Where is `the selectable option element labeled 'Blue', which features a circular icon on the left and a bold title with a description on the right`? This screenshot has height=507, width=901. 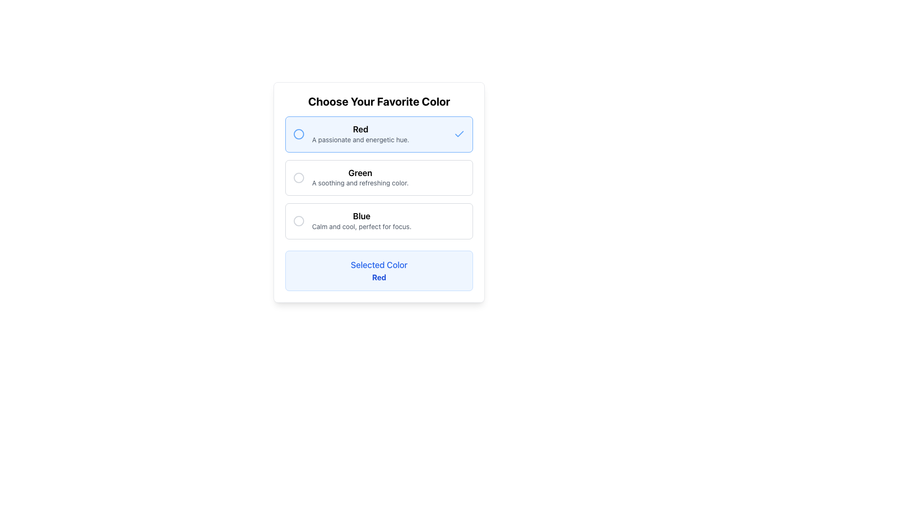 the selectable option element labeled 'Blue', which features a circular icon on the left and a bold title with a description on the right is located at coordinates (379, 221).